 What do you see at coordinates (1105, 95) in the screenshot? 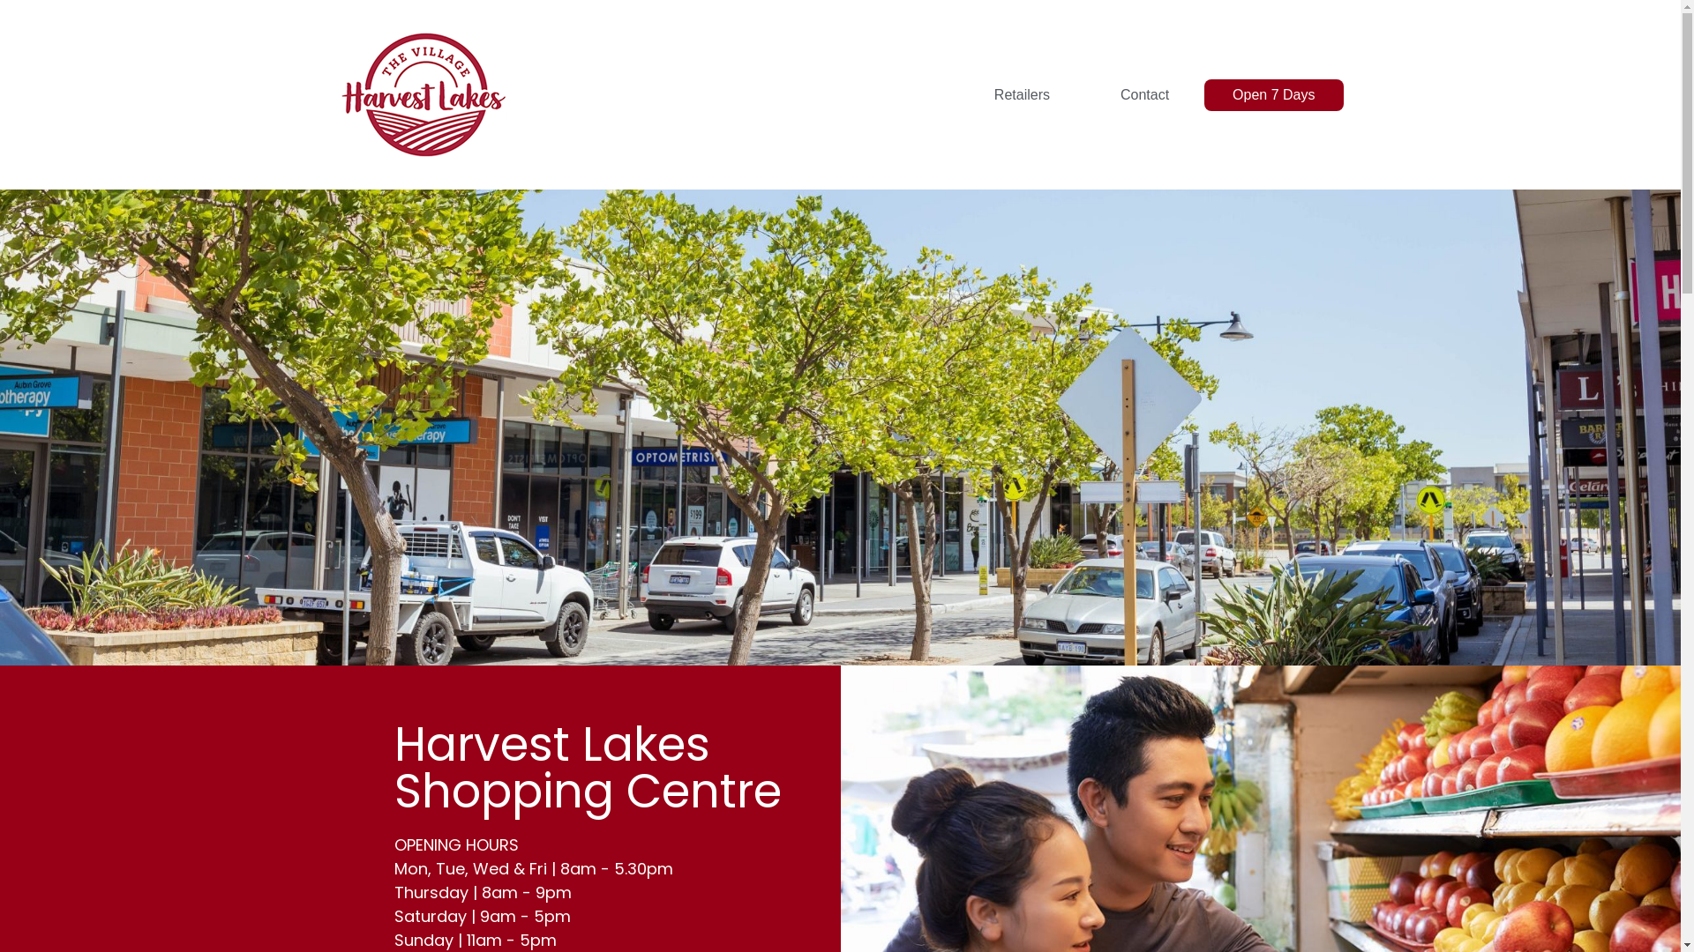
I see `'Contact'` at bounding box center [1105, 95].